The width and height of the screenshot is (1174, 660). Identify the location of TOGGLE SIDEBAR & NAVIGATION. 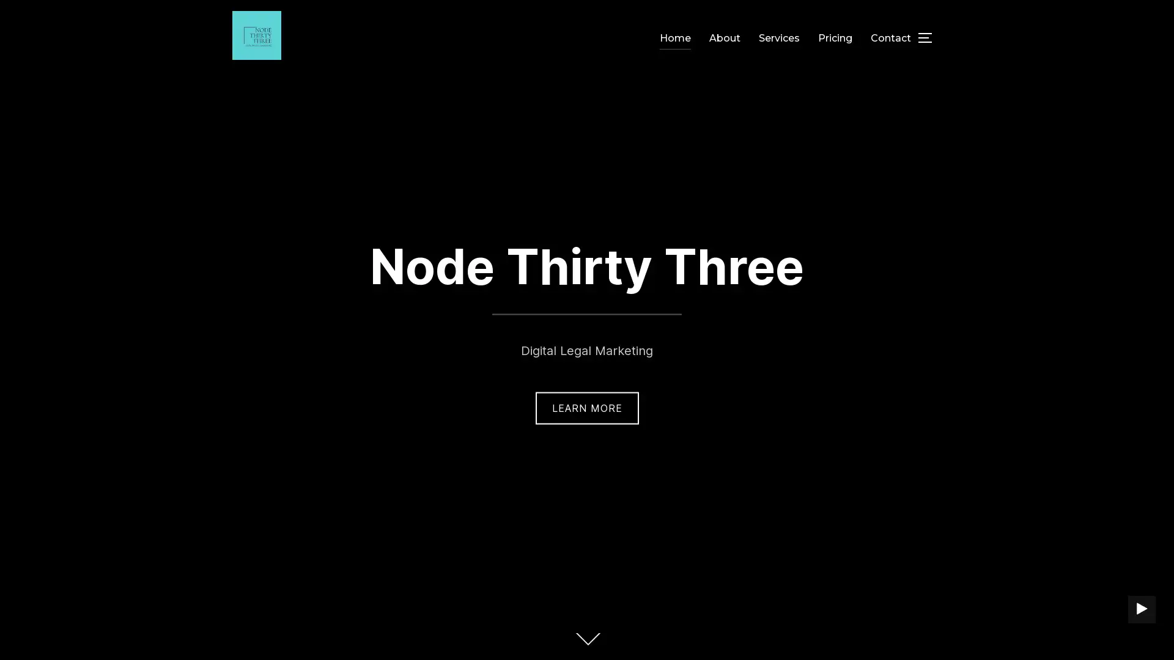
(929, 37).